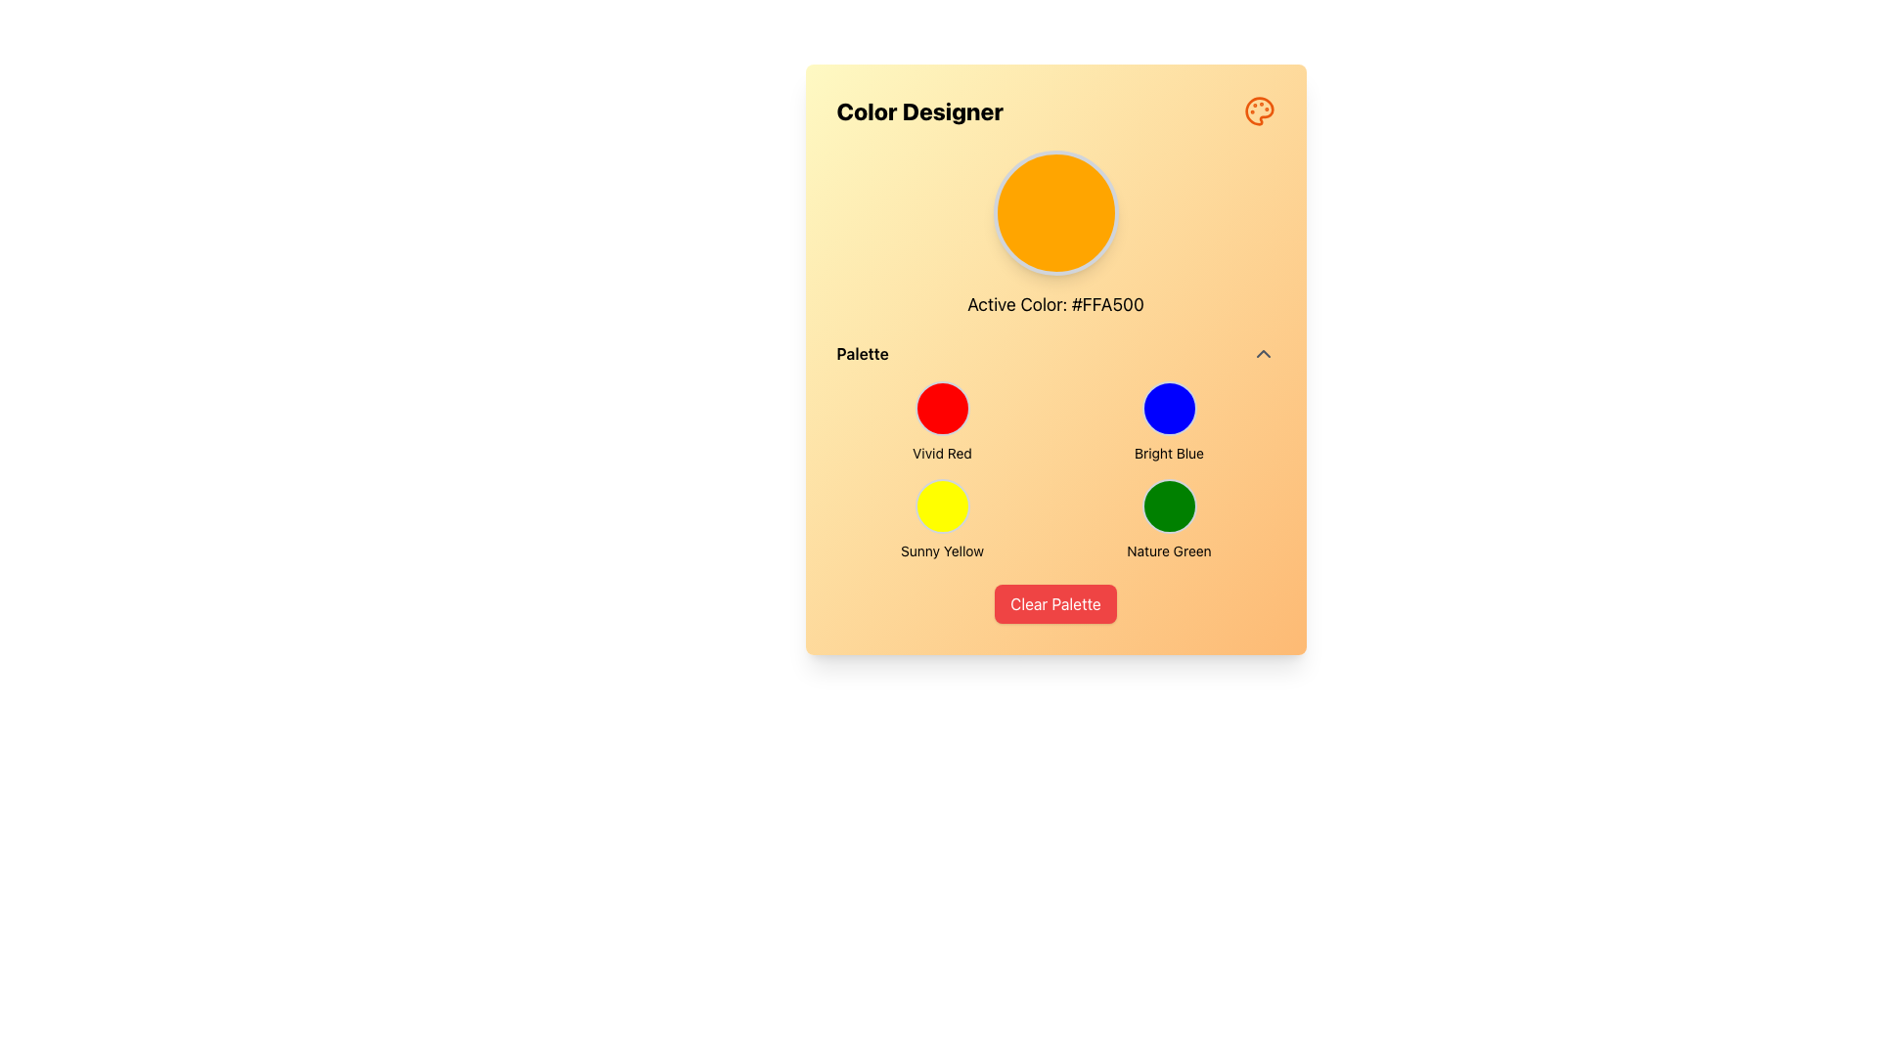 The height and width of the screenshot is (1056, 1878). What do you see at coordinates (1259, 111) in the screenshot?
I see `the orange artist's palette icon located in the top-right corner of the 'Color Designer' card` at bounding box center [1259, 111].